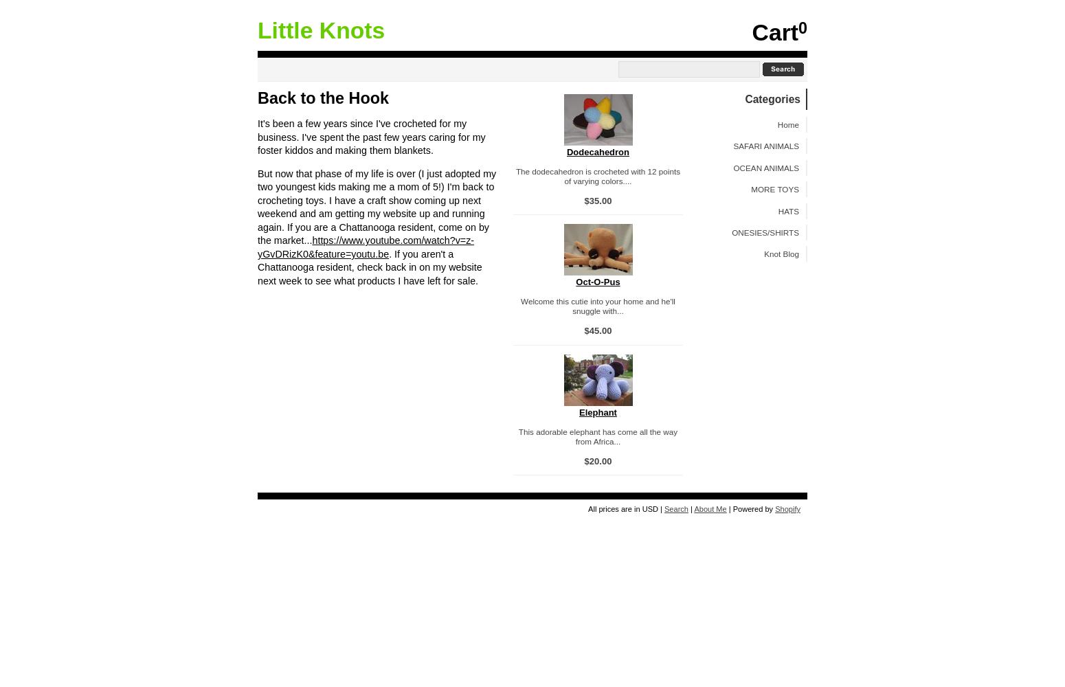 The height and width of the screenshot is (687, 1065). What do you see at coordinates (764, 231) in the screenshot?
I see `'ONESIES/SHIRTS'` at bounding box center [764, 231].